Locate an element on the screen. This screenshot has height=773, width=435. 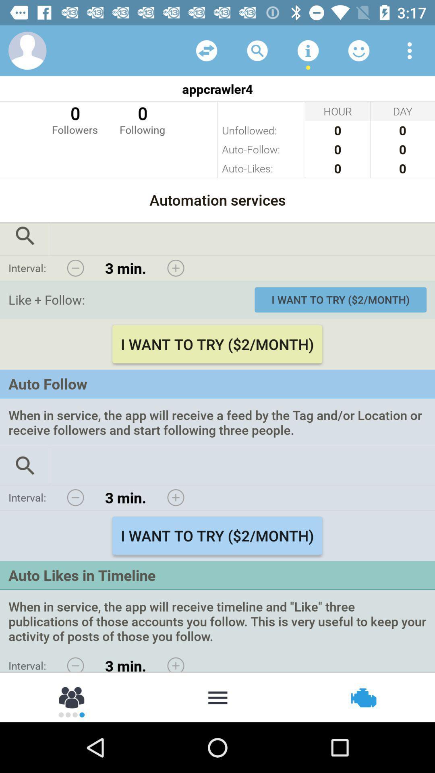
search is located at coordinates (25, 466).